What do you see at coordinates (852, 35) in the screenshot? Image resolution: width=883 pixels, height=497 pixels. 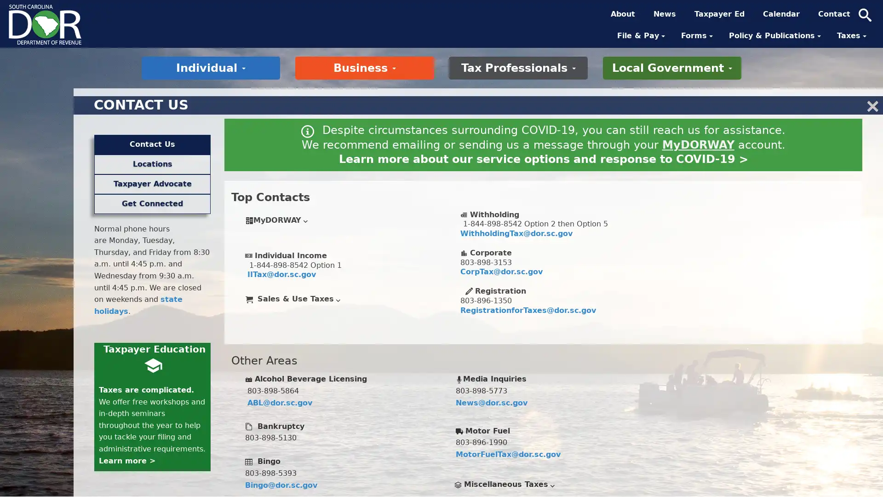 I see `Taxes` at bounding box center [852, 35].